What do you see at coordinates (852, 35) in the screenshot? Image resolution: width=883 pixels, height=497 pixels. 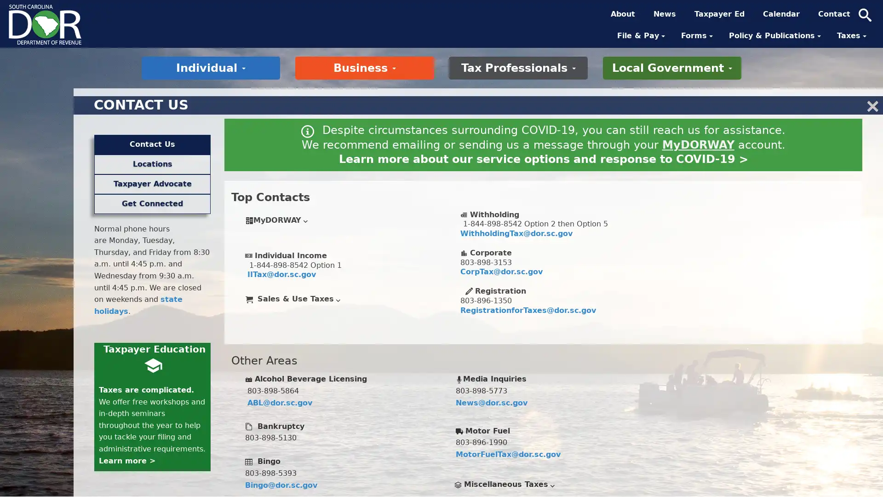 I see `Taxes` at bounding box center [852, 35].